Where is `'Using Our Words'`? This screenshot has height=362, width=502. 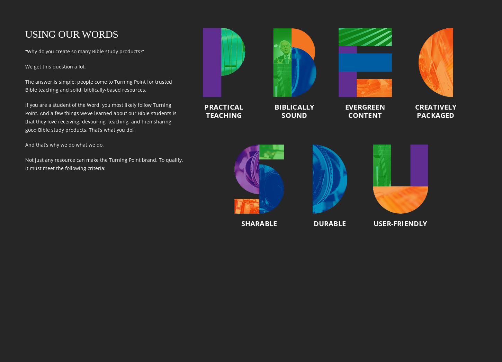
'Using Our Words' is located at coordinates (71, 34).